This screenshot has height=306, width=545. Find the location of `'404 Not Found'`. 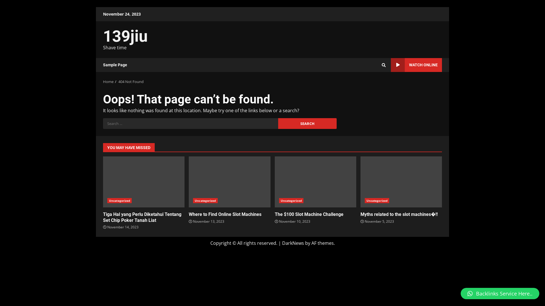

'404 Not Found' is located at coordinates (118, 82).